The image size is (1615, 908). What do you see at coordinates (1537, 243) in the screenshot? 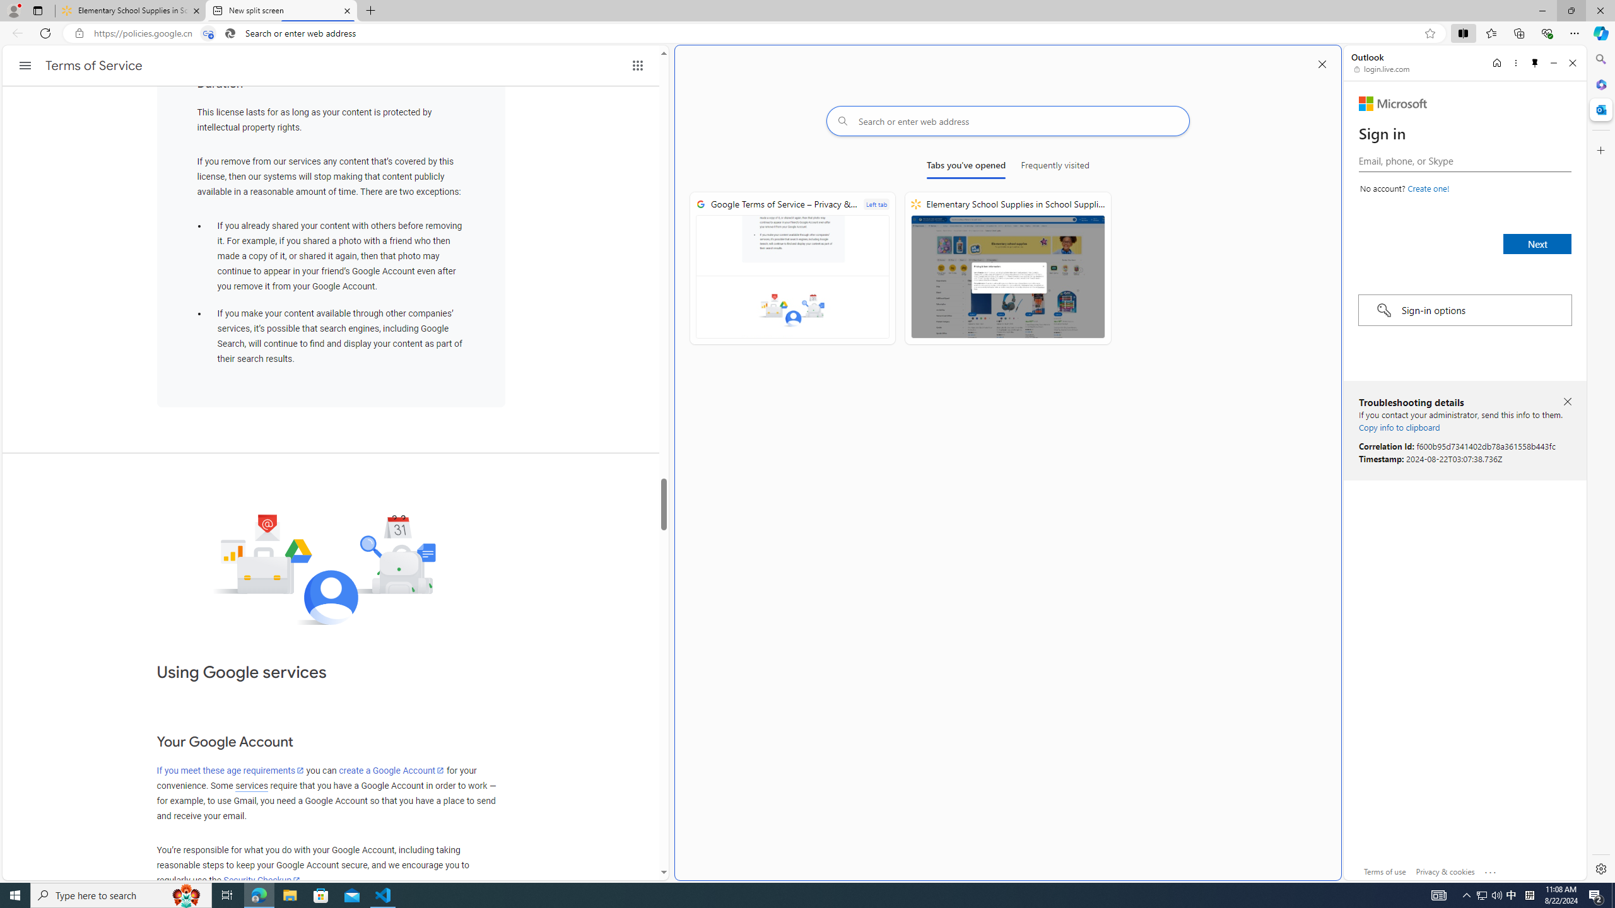
I see `'Next'` at bounding box center [1537, 243].